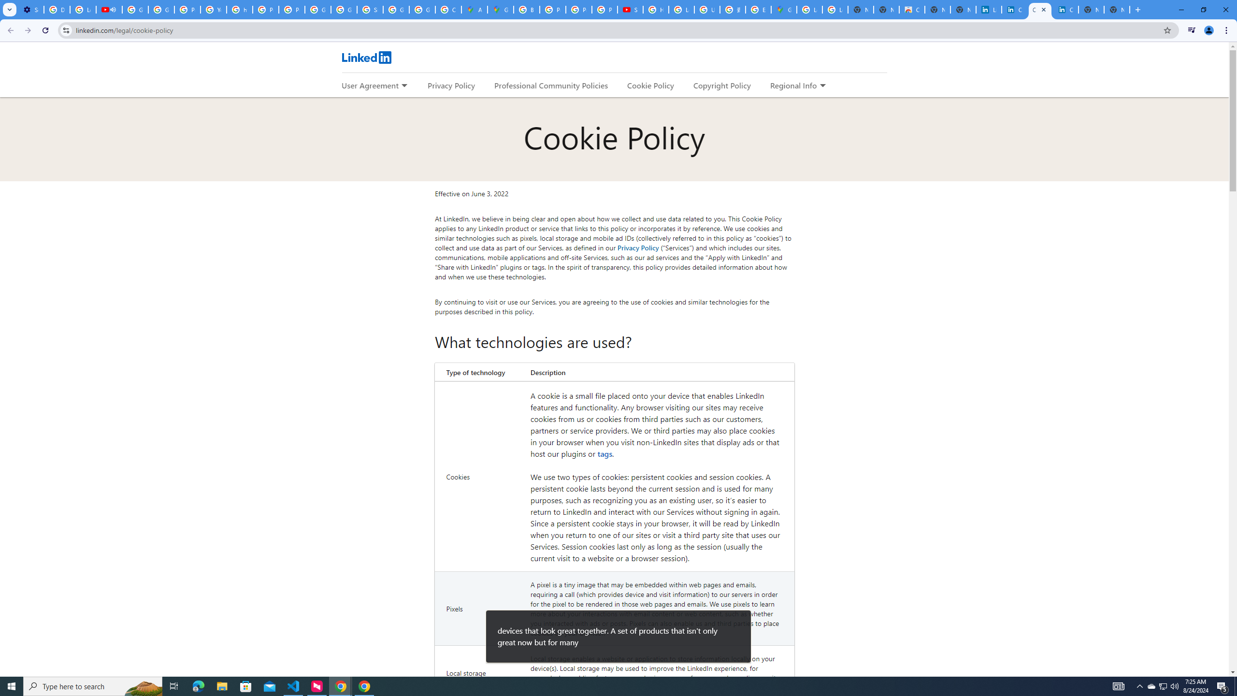 Image resolution: width=1237 pixels, height=696 pixels. What do you see at coordinates (655, 9) in the screenshot?
I see `'How Chrome protects your passwords - Google Chrome Help'` at bounding box center [655, 9].